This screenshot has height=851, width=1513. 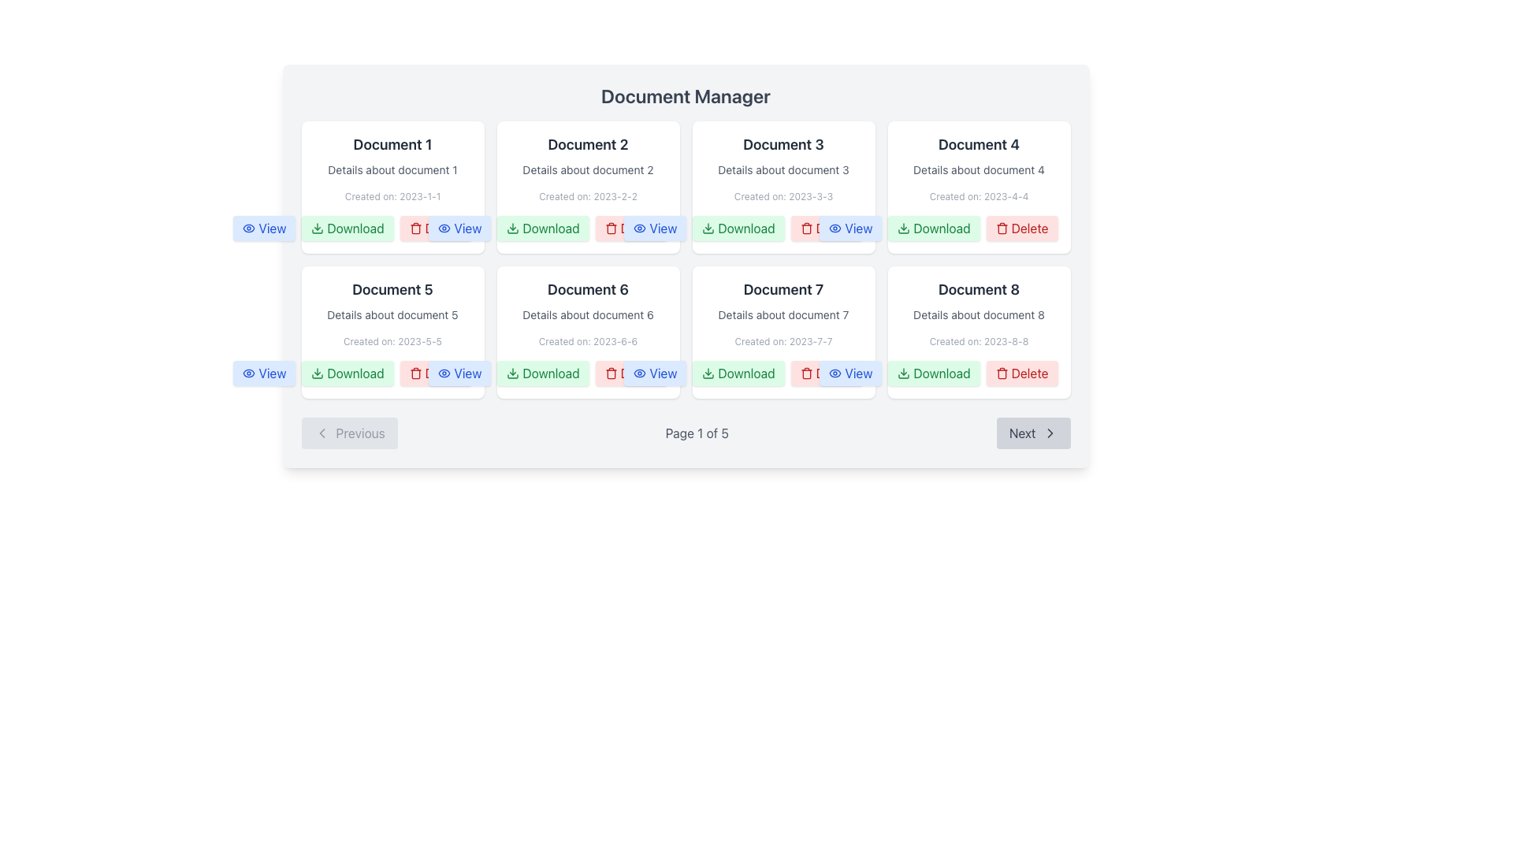 I want to click on the 'View' icon located inside the button in the second row, third column of documents, so click(x=640, y=373).